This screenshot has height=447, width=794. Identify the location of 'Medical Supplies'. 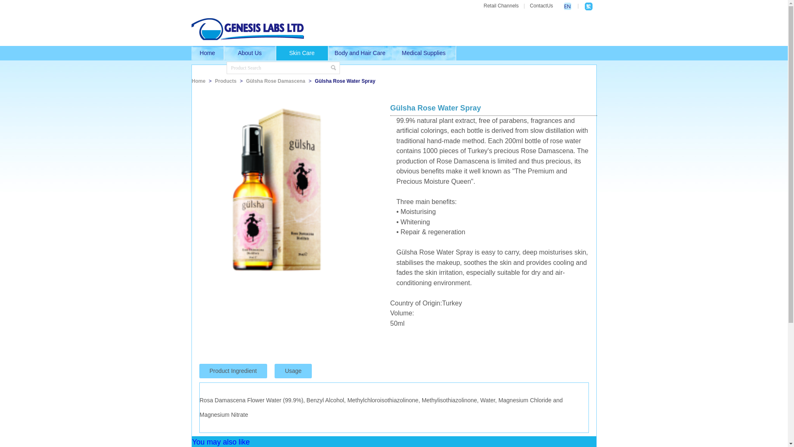
(424, 53).